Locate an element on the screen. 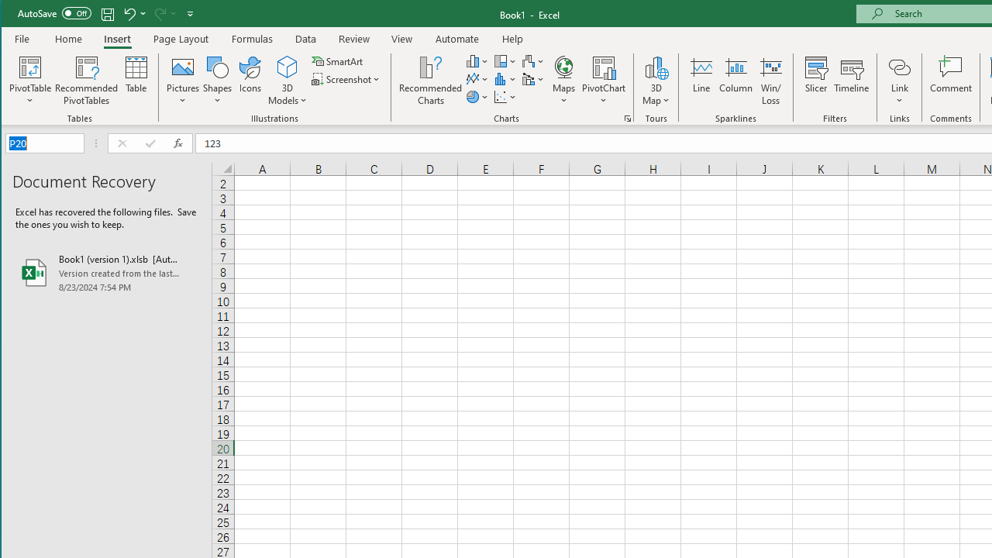 The height and width of the screenshot is (558, 992). 'Pictures' is located at coordinates (183, 81).